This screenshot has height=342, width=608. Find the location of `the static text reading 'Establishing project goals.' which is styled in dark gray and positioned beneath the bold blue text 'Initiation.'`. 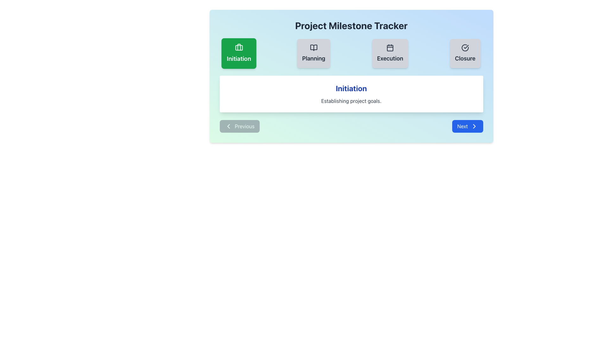

the static text reading 'Establishing project goals.' which is styled in dark gray and positioned beneath the bold blue text 'Initiation.' is located at coordinates (351, 101).